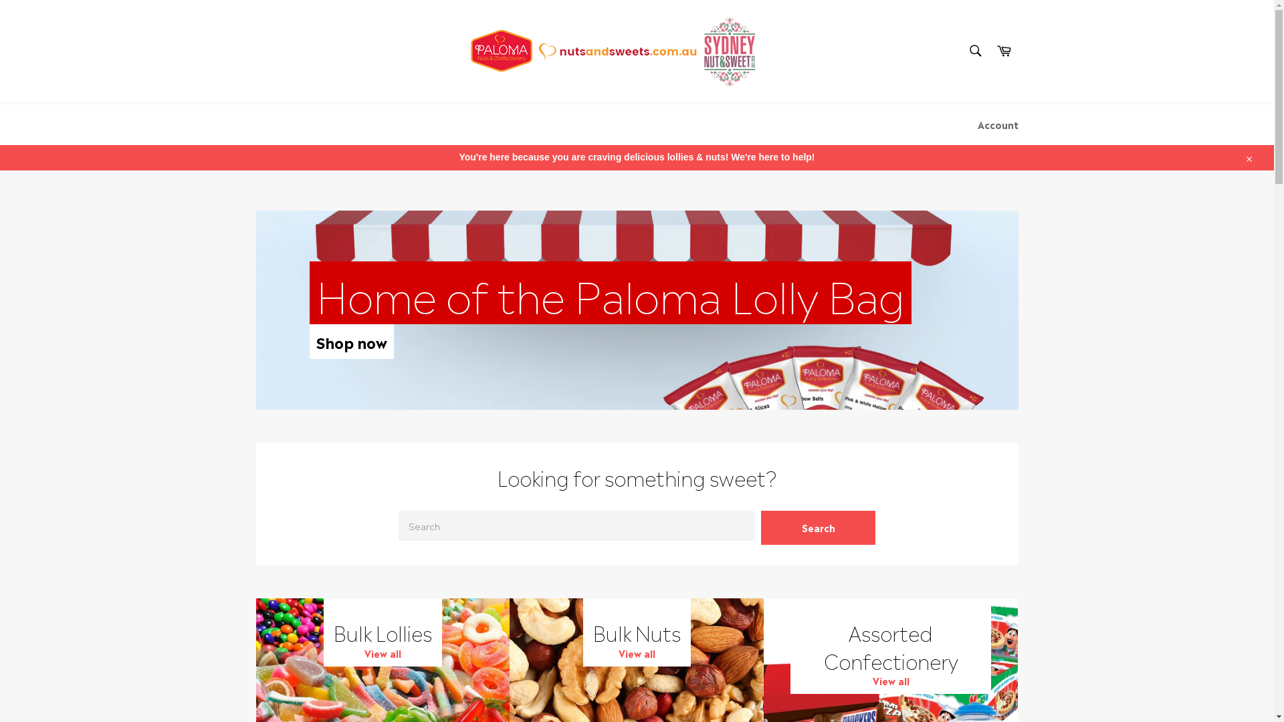 The image size is (1284, 722). I want to click on 'Cart', so click(1004, 51).